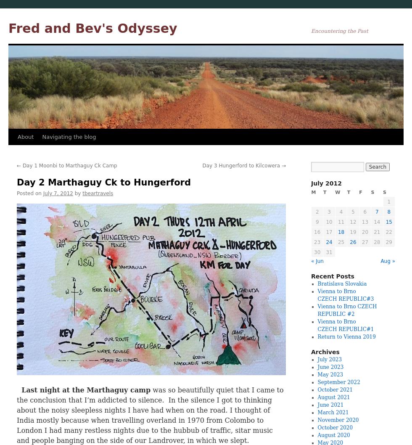 The width and height of the screenshot is (412, 445). What do you see at coordinates (333, 397) in the screenshot?
I see `'August 2021'` at bounding box center [333, 397].